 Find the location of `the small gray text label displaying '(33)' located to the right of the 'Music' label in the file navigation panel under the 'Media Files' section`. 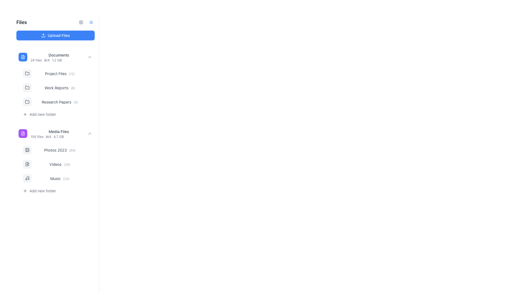

the small gray text label displaying '(33)' located to the right of the 'Music' label in the file navigation panel under the 'Media Files' section is located at coordinates (66, 179).